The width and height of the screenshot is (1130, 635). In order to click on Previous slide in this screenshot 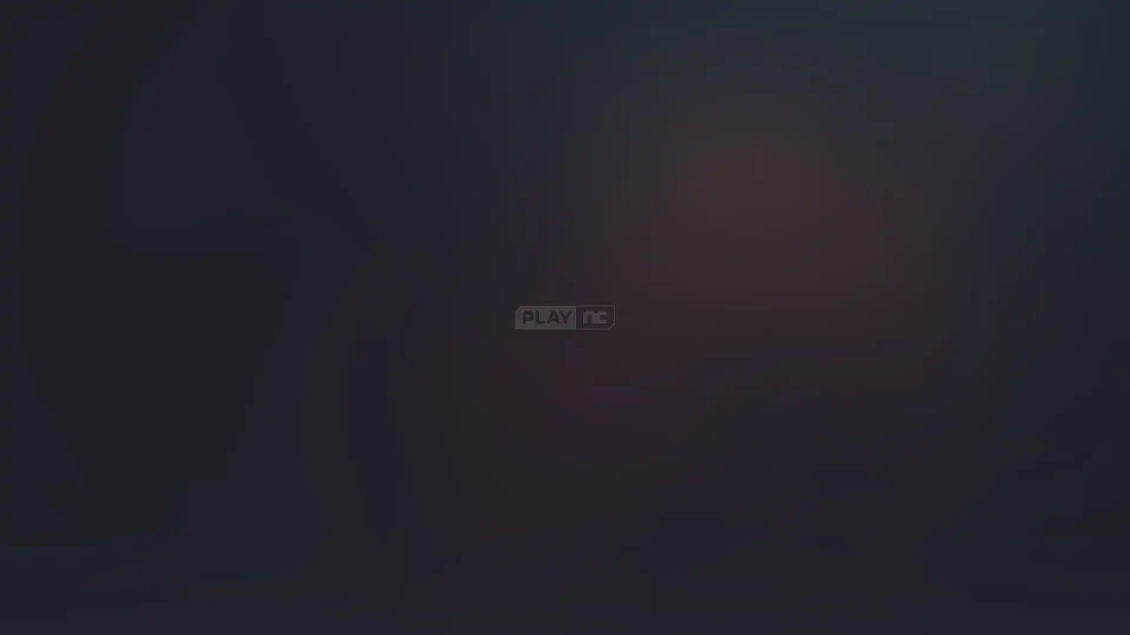, I will do `click(942, 154)`.